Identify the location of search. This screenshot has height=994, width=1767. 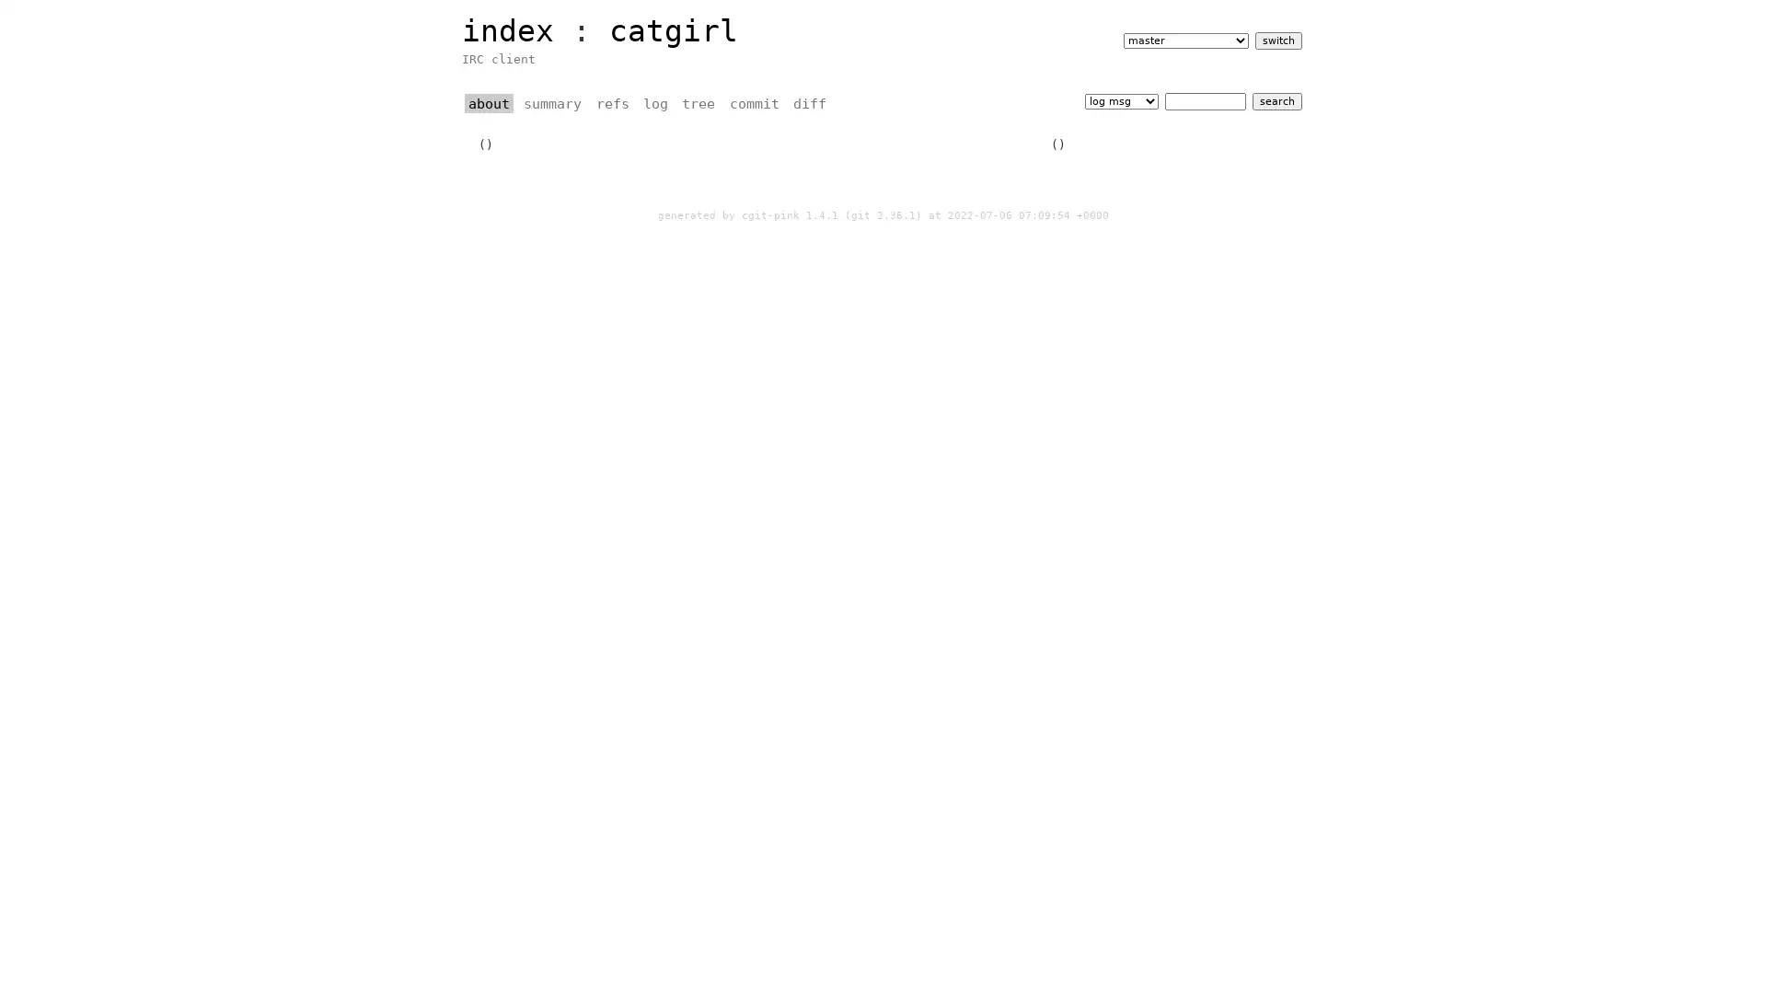
(1276, 100).